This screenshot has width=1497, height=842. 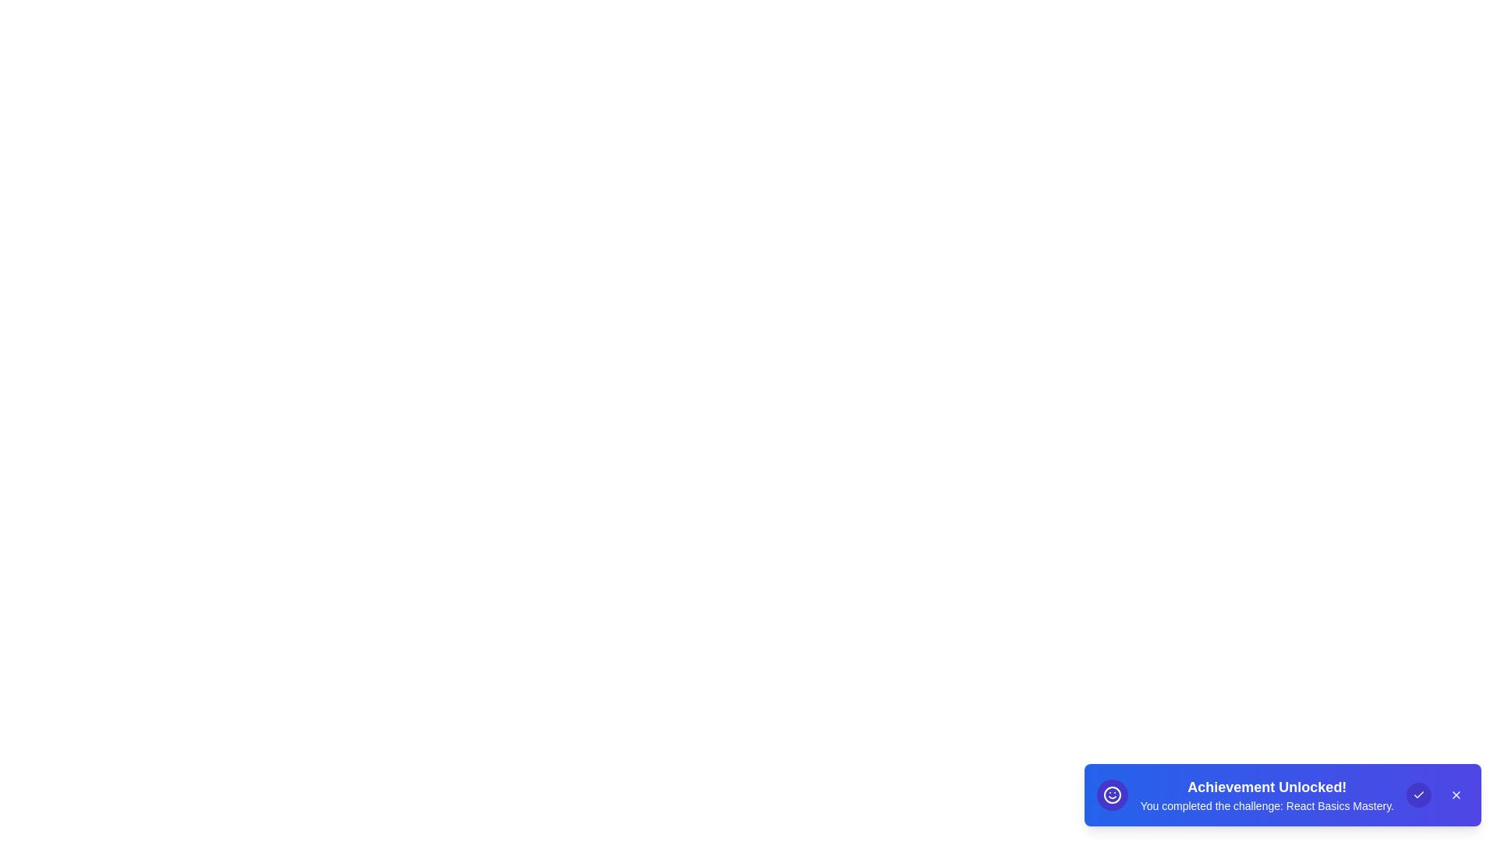 I want to click on the button check_button to observe the hover effect, so click(x=1418, y=794).